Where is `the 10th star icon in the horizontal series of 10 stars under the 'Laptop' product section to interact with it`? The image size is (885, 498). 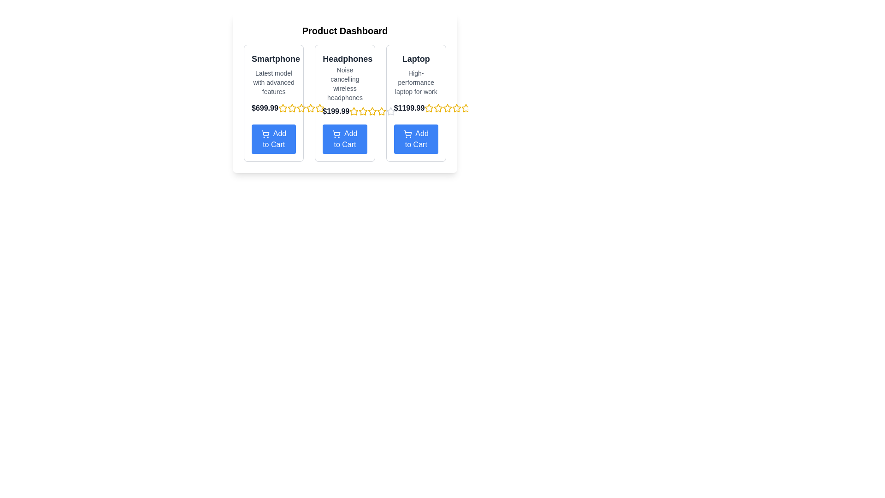 the 10th star icon in the horizontal series of 10 stars under the 'Laptop' product section to interact with it is located at coordinates (466, 108).